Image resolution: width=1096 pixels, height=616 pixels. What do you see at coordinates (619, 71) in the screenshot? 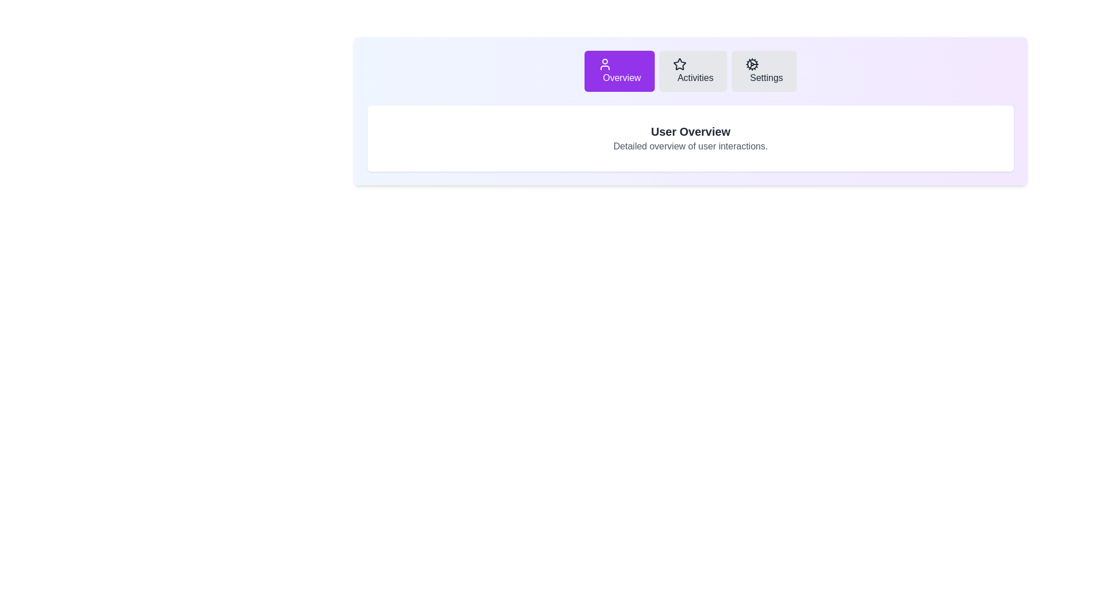
I see `the navigation button located at the leftmost part of the navigation bar` at bounding box center [619, 71].